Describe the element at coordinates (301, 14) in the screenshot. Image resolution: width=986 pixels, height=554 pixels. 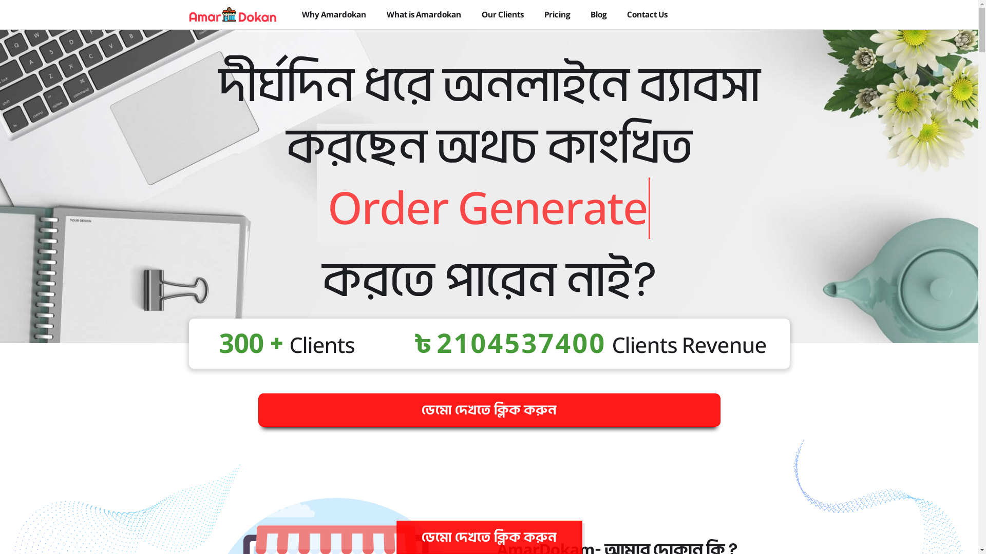
I see `'Why Amardokan'` at that location.